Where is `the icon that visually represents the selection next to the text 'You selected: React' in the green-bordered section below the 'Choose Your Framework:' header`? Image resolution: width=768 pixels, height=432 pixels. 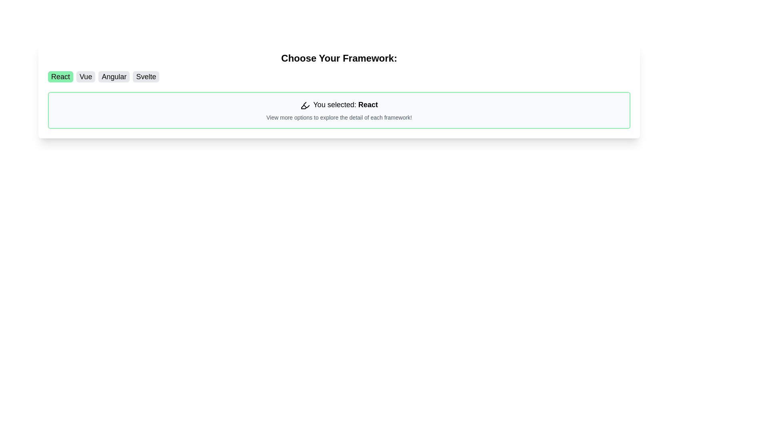
the icon that visually represents the selection next to the text 'You selected: React' in the green-bordered section below the 'Choose Your Framework:' header is located at coordinates (305, 105).